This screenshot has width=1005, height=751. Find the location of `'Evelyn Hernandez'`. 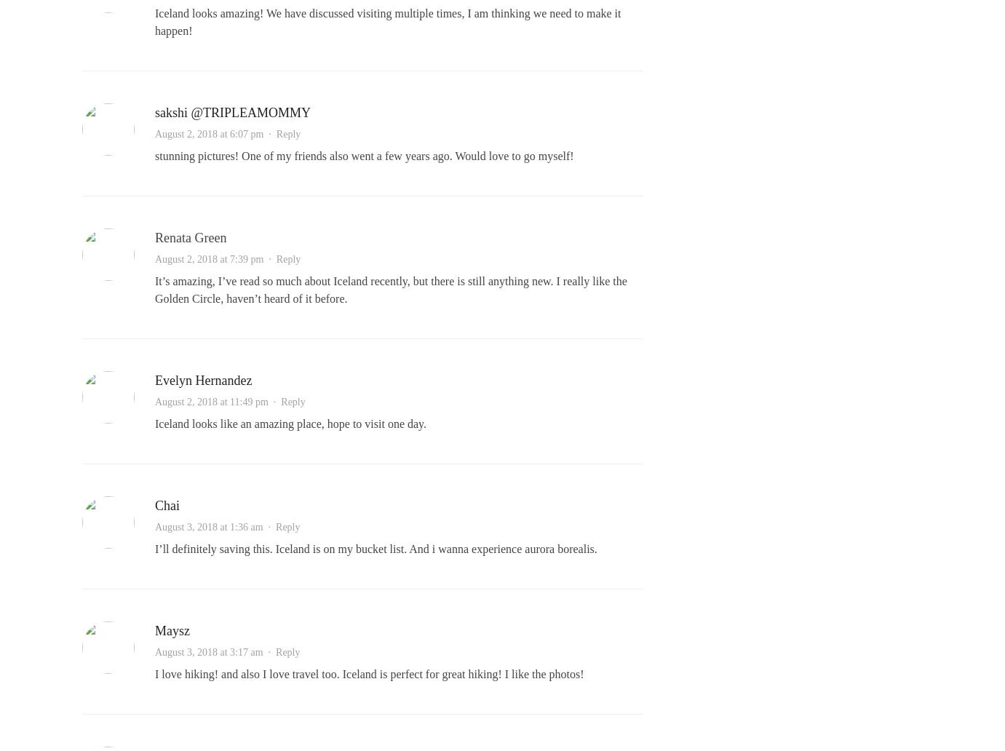

'Evelyn Hernandez' is located at coordinates (203, 381).